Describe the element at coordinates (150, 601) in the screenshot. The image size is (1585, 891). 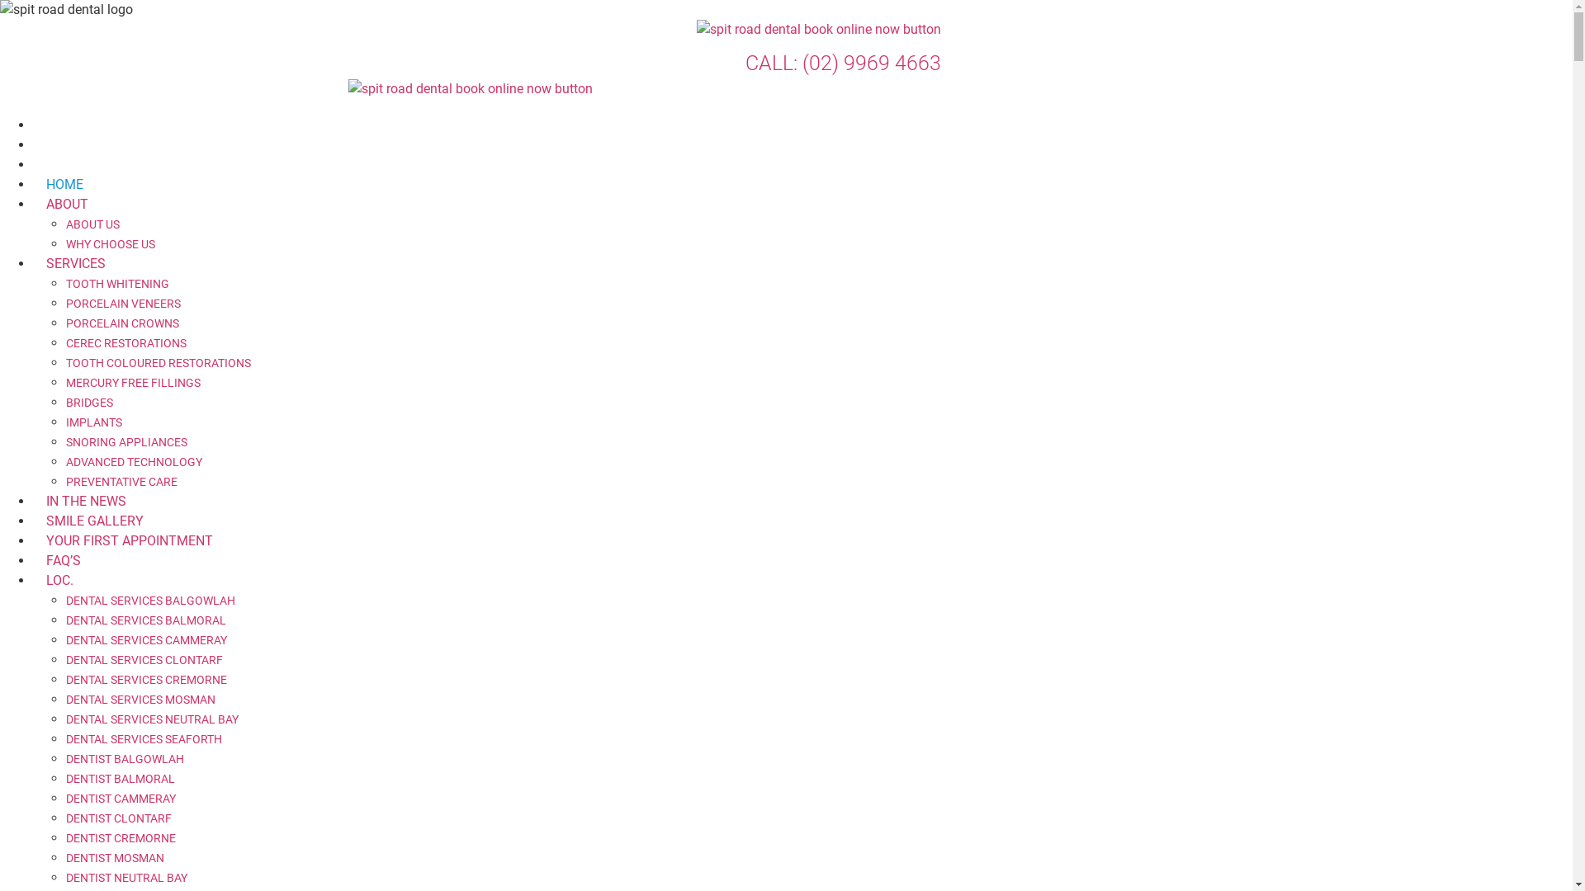
I see `'DENTAL SERVICES BALGOWLAH'` at that location.